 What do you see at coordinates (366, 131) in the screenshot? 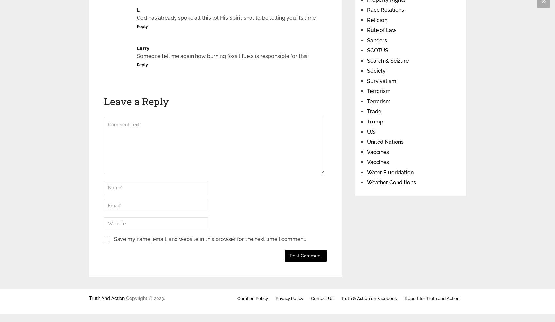
I see `'U.S.'` at bounding box center [366, 131].